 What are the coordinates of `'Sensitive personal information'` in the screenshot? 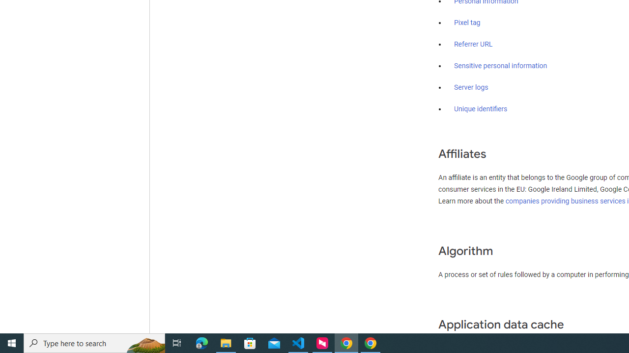 It's located at (500, 66).